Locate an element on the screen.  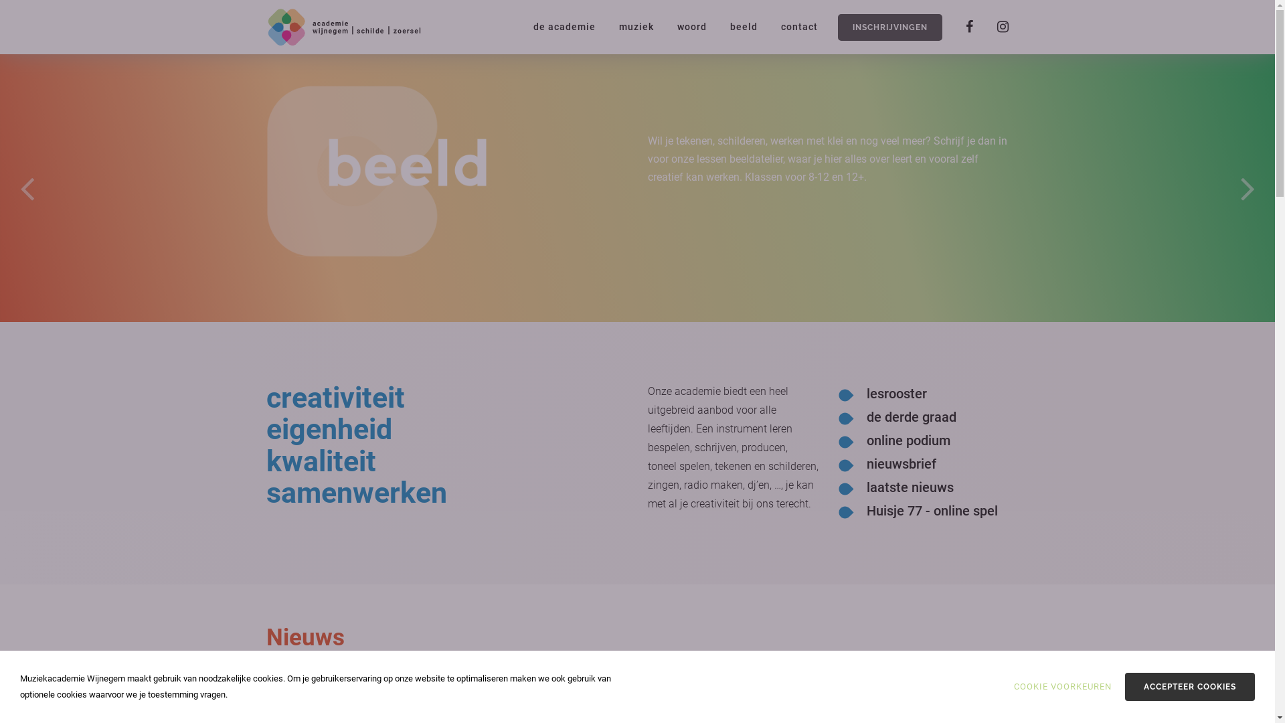
'INSCHRIJVINGEN' is located at coordinates (889, 27).